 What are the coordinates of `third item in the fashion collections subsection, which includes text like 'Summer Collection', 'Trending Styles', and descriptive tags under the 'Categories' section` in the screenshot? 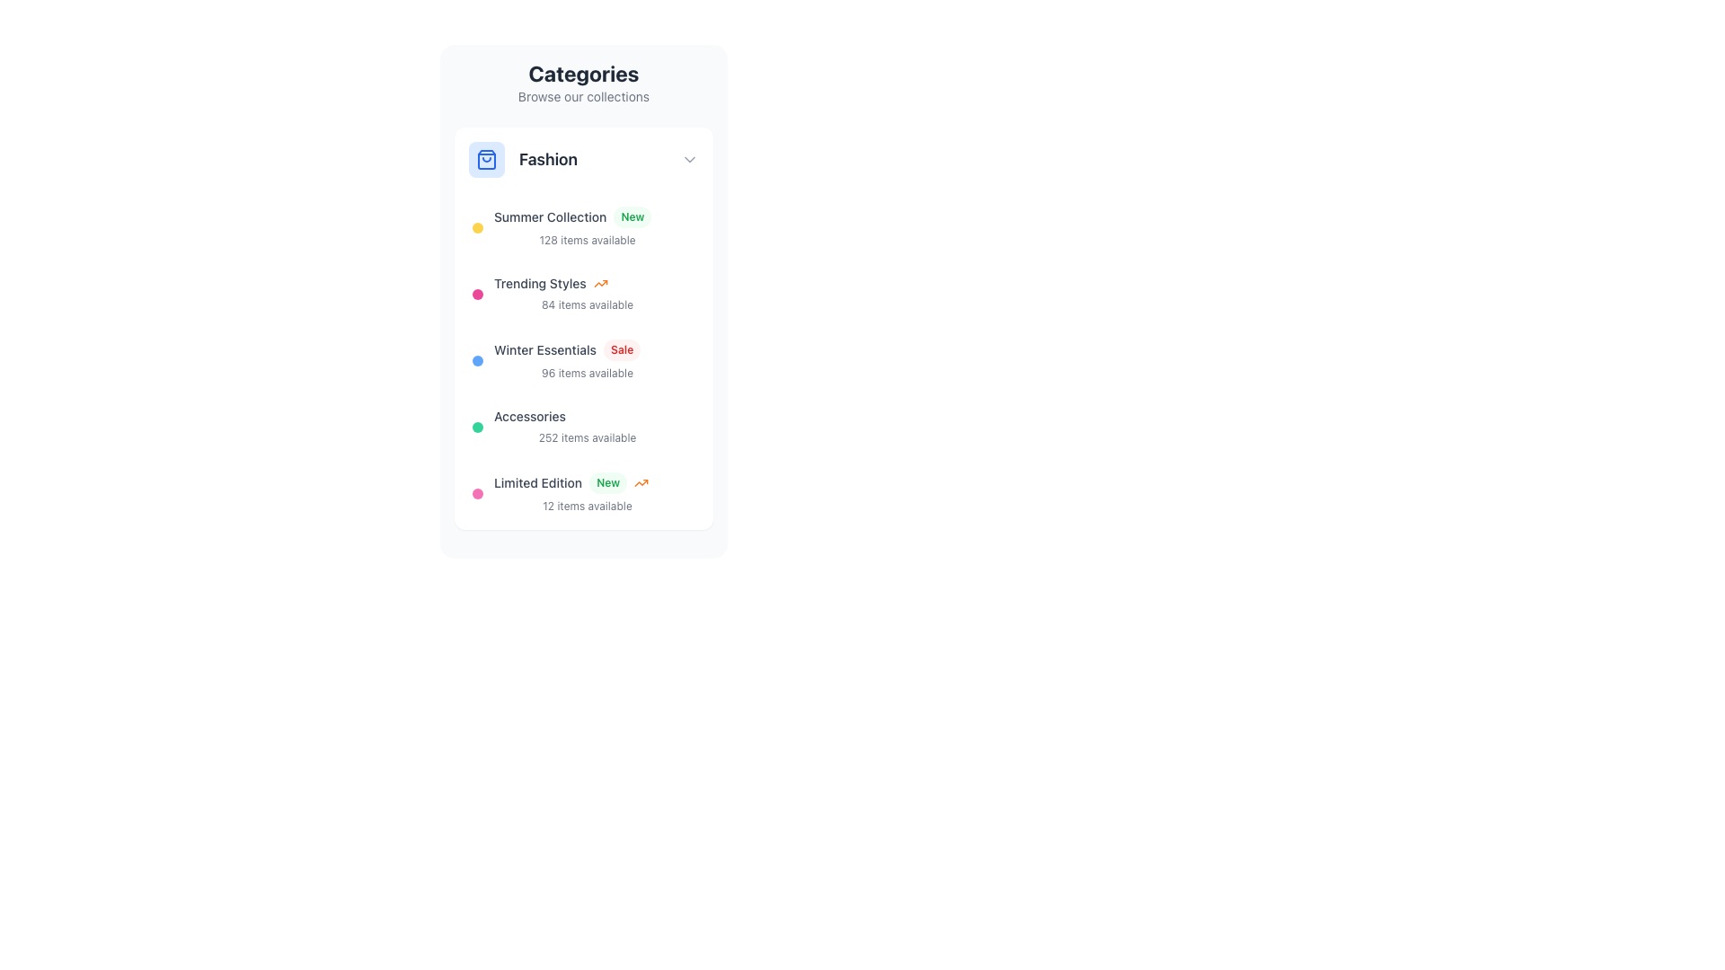 It's located at (583, 329).